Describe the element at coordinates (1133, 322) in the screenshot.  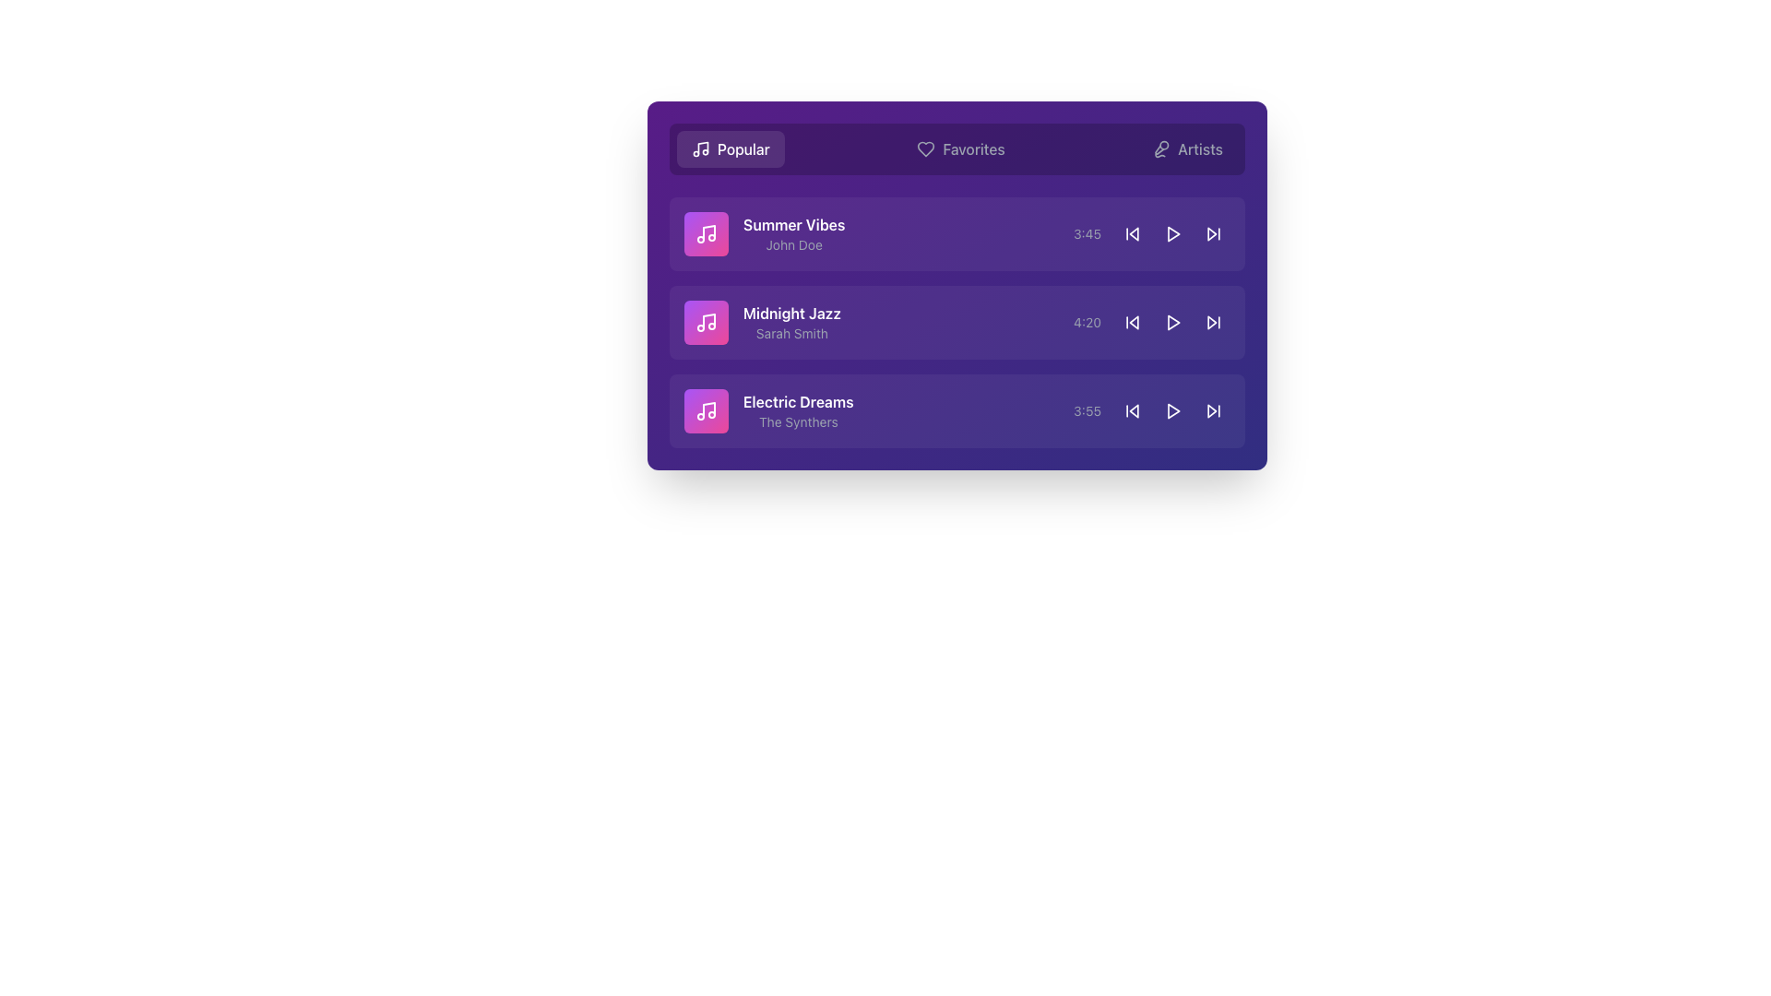
I see `the 'skip back' icon button for the audio controls of the second song item labeled 'Midnight Jazz'` at that location.